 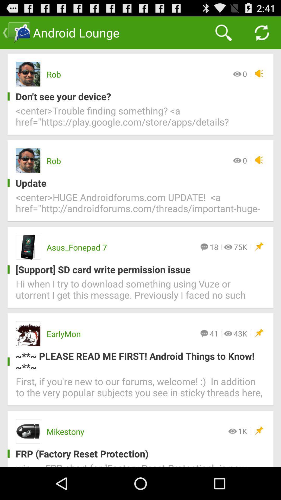 I want to click on the 1k app, so click(x=242, y=431).